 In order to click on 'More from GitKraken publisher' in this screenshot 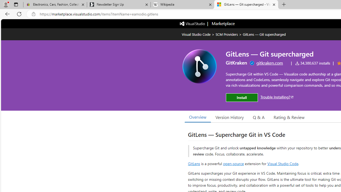, I will do `click(236, 62)`.